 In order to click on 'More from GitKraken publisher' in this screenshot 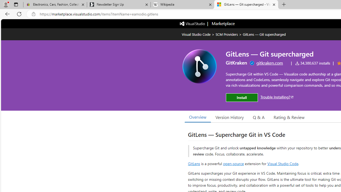, I will do `click(236, 62)`.